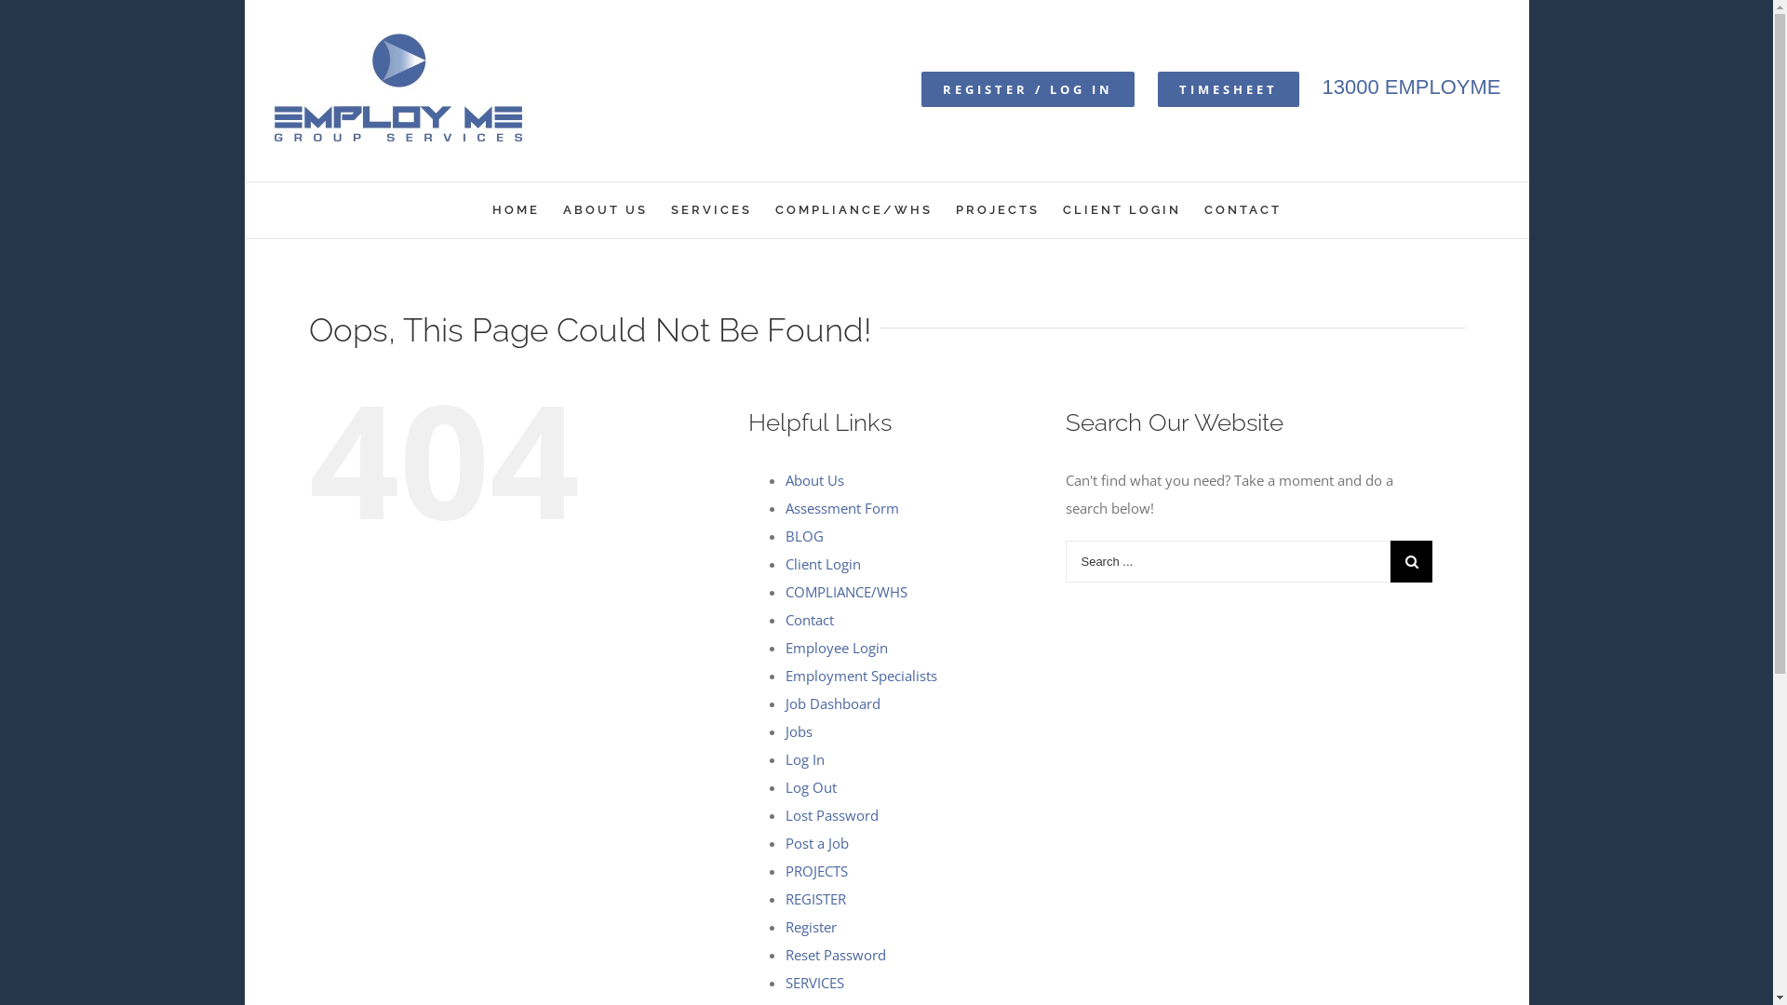 The width and height of the screenshot is (1787, 1005). Describe the element at coordinates (809, 620) in the screenshot. I see `'Contact'` at that location.